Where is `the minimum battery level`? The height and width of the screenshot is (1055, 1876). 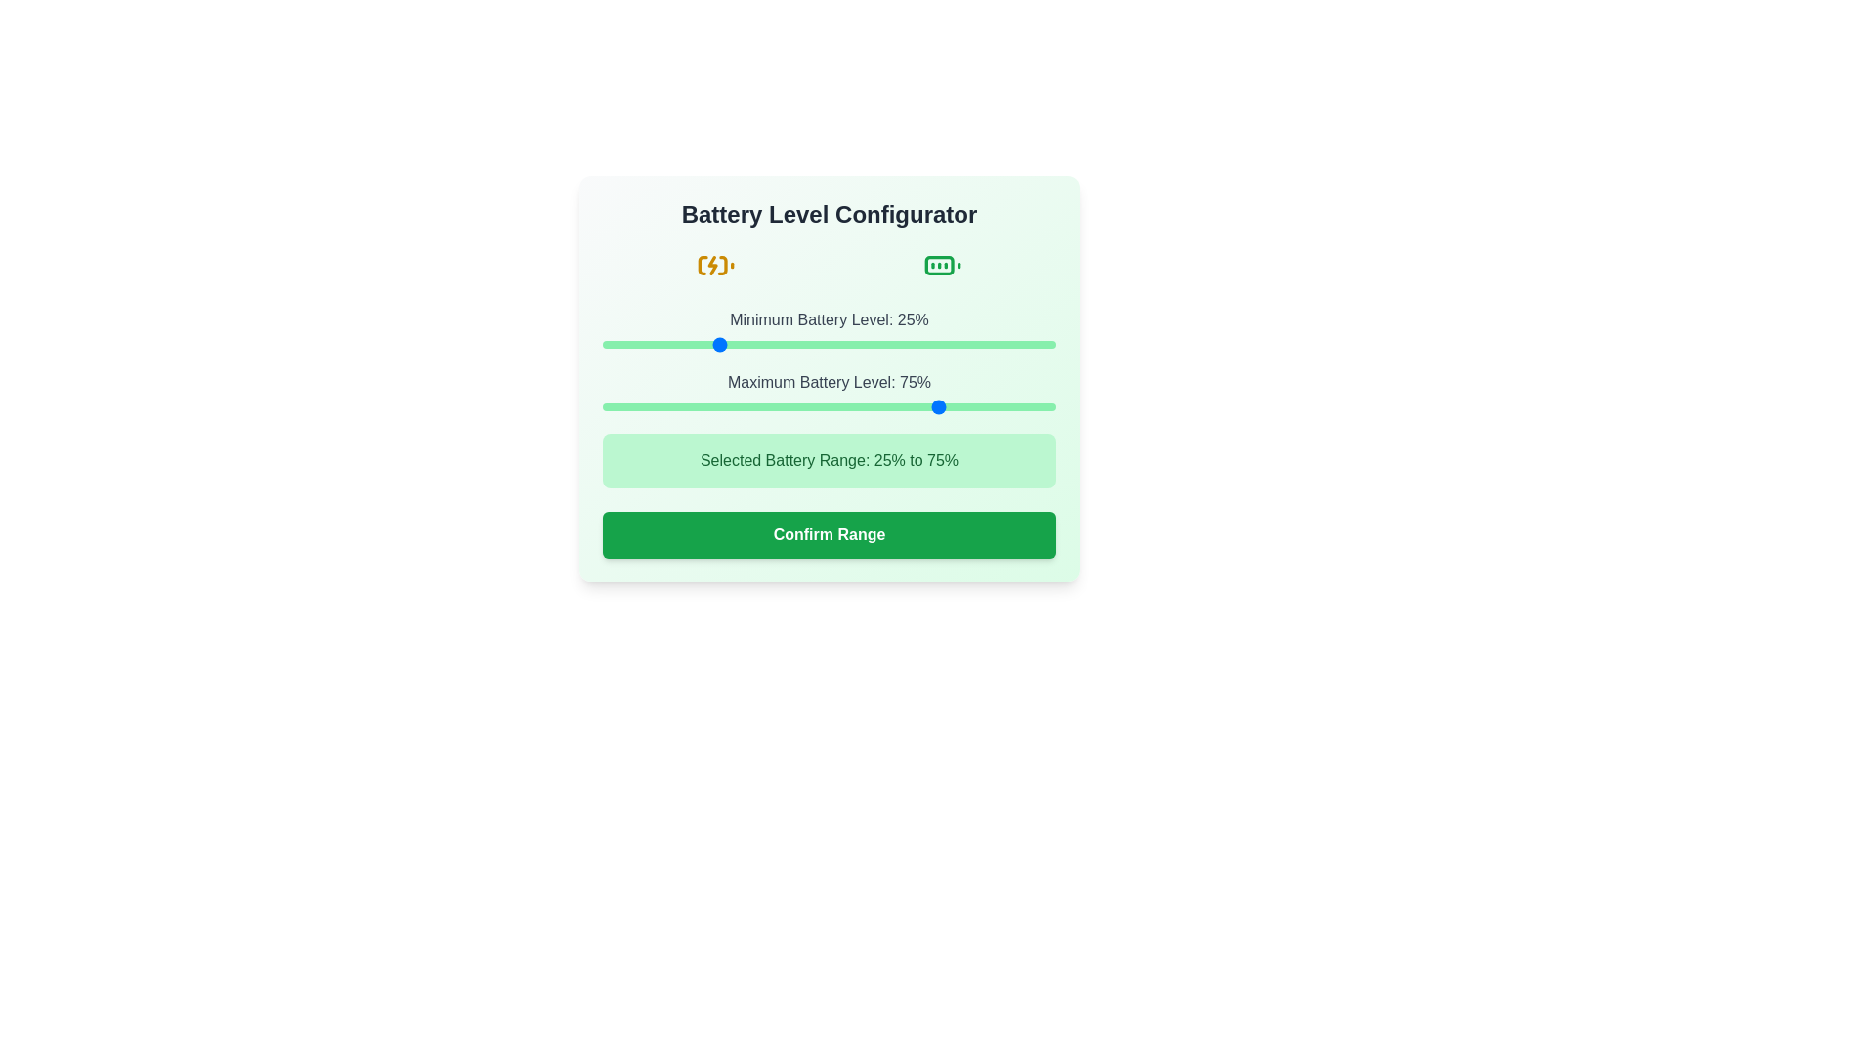 the minimum battery level is located at coordinates (820, 344).